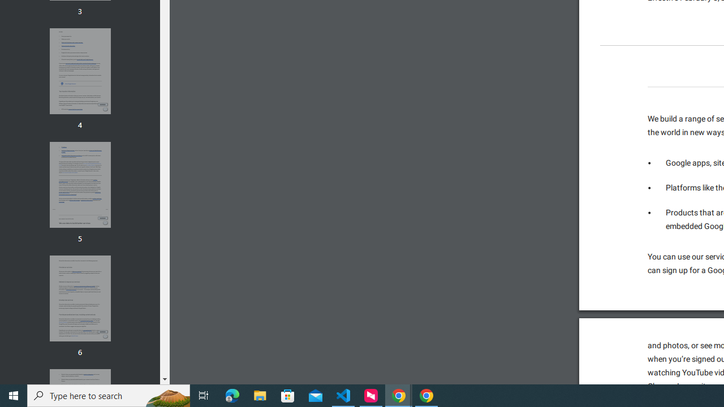 This screenshot has height=407, width=724. Describe the element at coordinates (79, 71) in the screenshot. I see `'Thumbnail for page 4'` at that location.